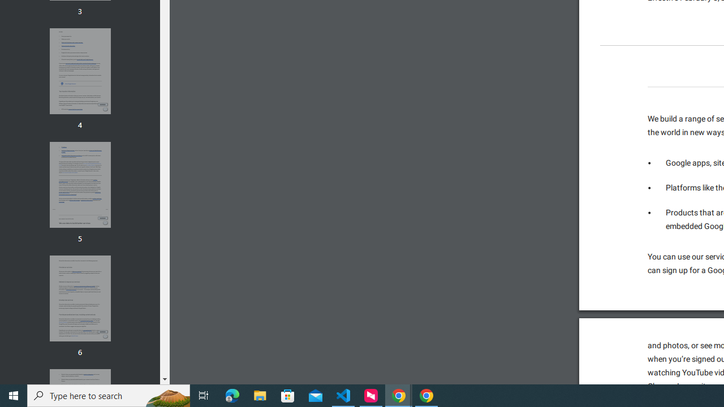 This screenshot has height=407, width=724. Describe the element at coordinates (79, 71) in the screenshot. I see `'Thumbnail for page 4'` at that location.